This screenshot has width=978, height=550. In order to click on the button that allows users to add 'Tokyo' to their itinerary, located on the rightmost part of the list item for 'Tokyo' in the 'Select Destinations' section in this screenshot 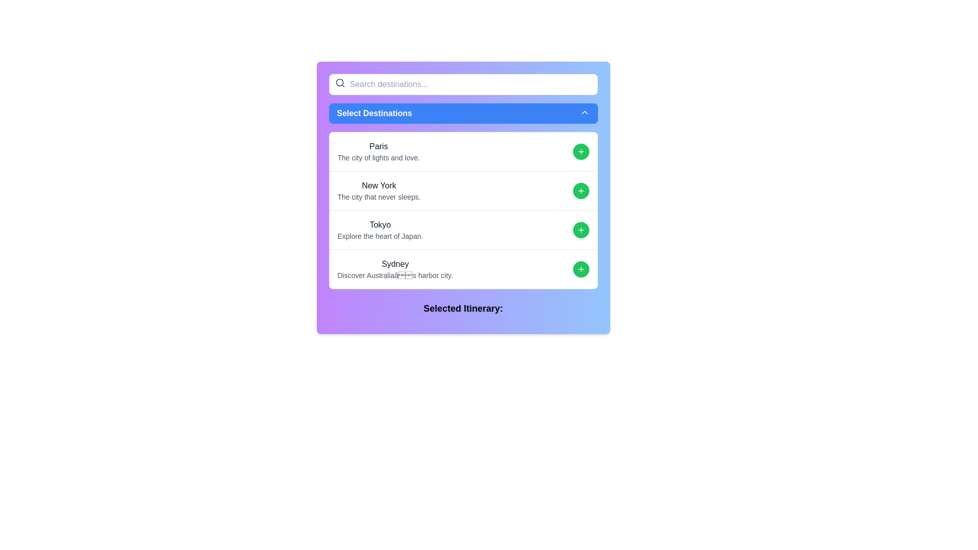, I will do `click(581, 230)`.